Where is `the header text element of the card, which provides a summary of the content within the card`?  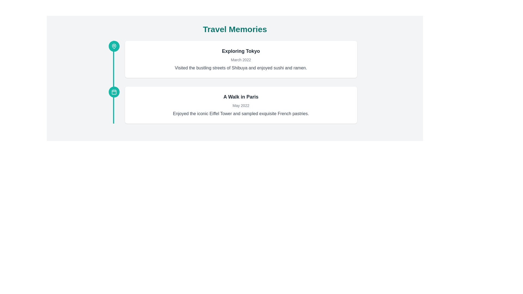
the header text element of the card, which provides a summary of the content within the card is located at coordinates (241, 96).